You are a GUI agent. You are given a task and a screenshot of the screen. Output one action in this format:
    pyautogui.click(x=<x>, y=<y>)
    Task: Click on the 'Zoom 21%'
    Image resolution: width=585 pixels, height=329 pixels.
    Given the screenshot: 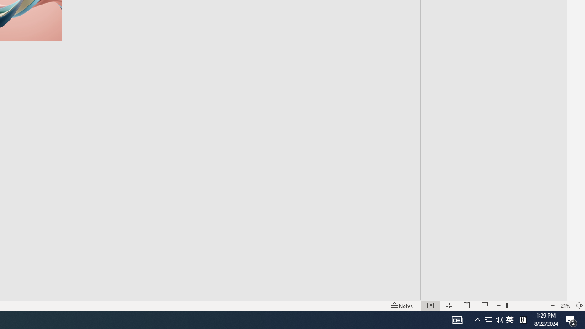 What is the action you would take?
    pyautogui.click(x=565, y=306)
    